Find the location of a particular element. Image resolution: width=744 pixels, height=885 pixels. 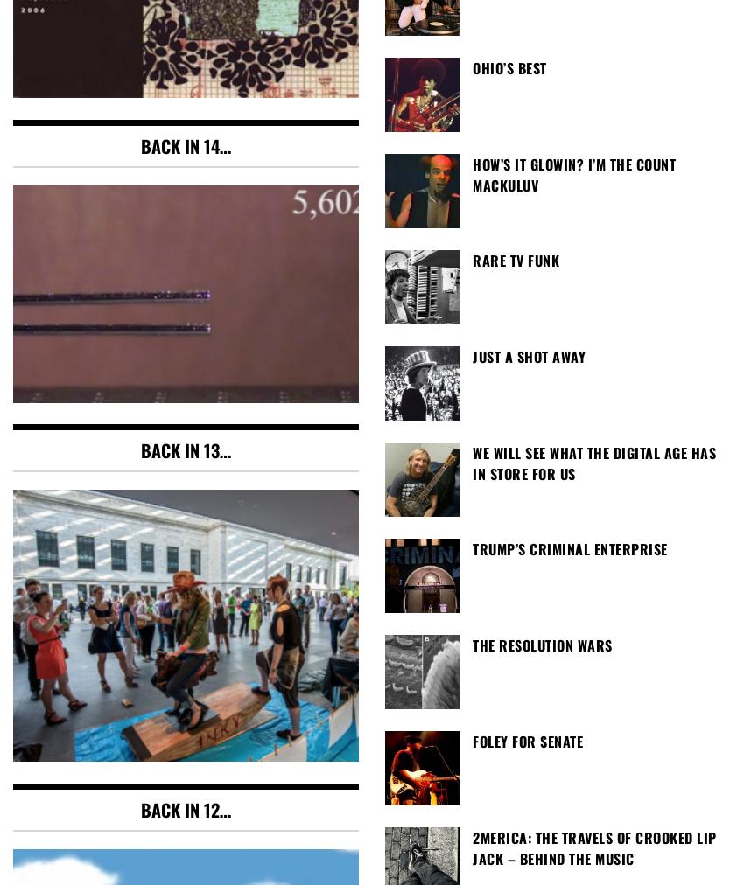

'Back in 13…' is located at coordinates (185, 449).